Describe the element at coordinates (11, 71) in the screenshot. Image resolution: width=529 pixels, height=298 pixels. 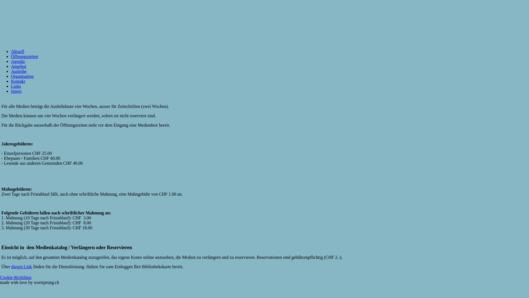
I see `'Ausleihe'` at that location.